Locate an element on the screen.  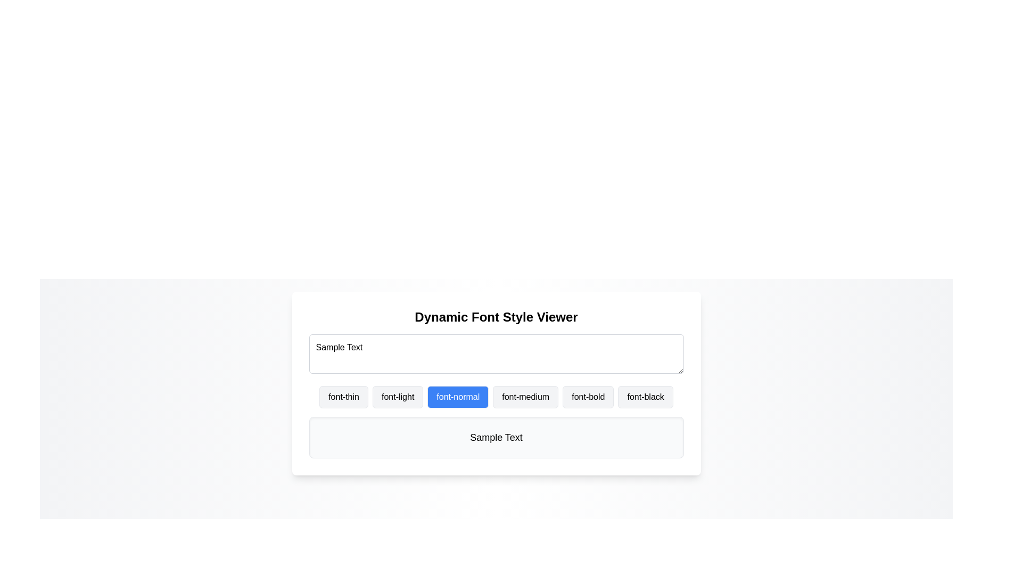
the 'font-black' style button, the sixth button in a horizontal group located below the text input field is located at coordinates (645, 397).